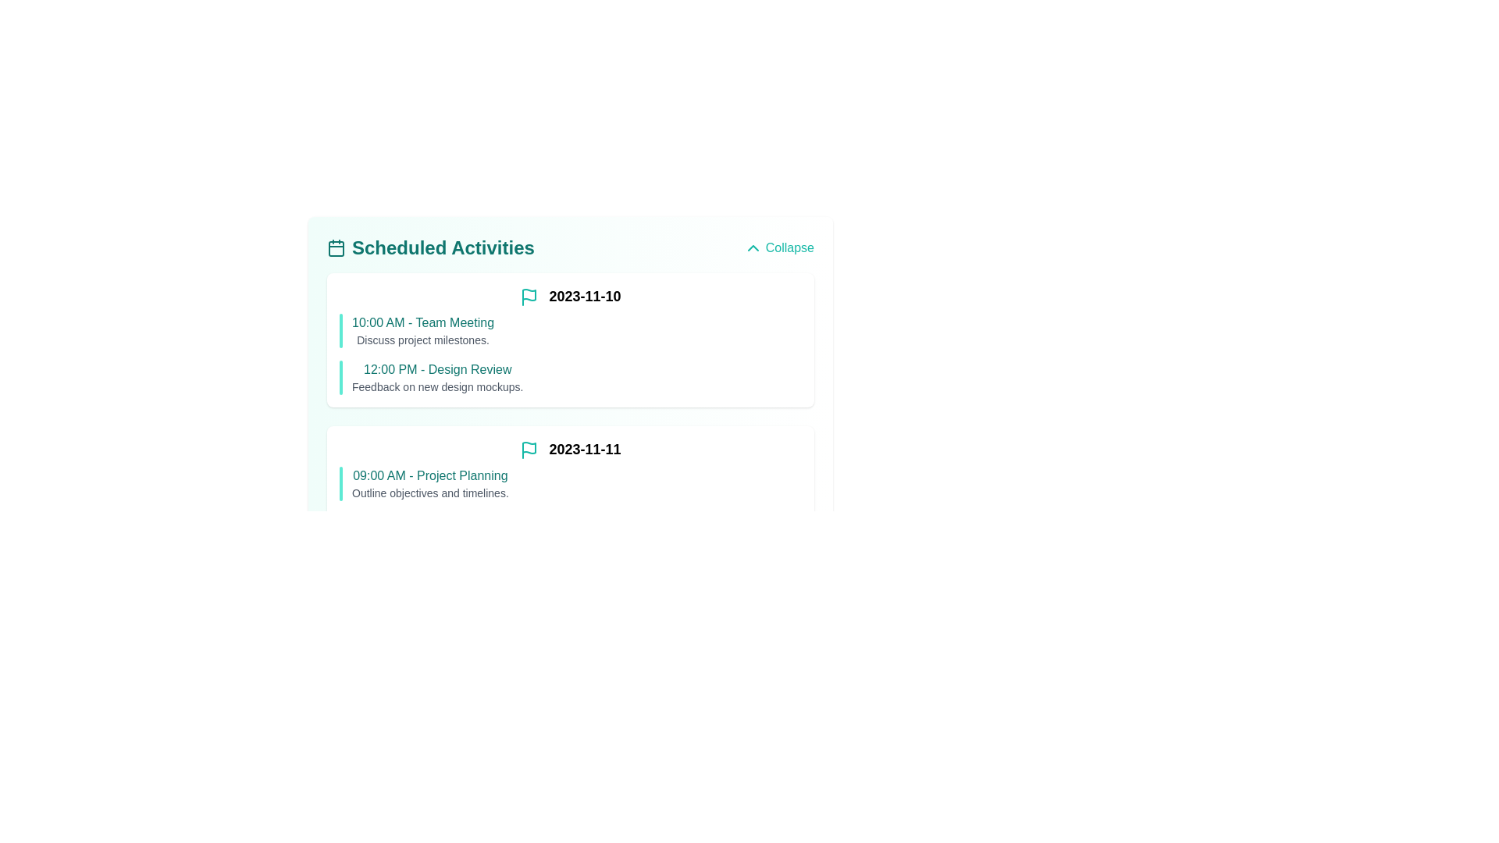  I want to click on the Text (Header) element that represents a specific scheduled date, which serves as a header for the listed activities, so click(569, 449).